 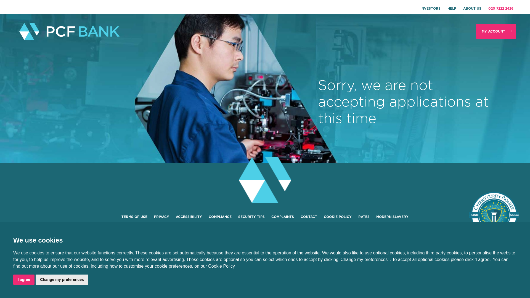 I want to click on 'ACCESSIBILITY', so click(x=189, y=217).